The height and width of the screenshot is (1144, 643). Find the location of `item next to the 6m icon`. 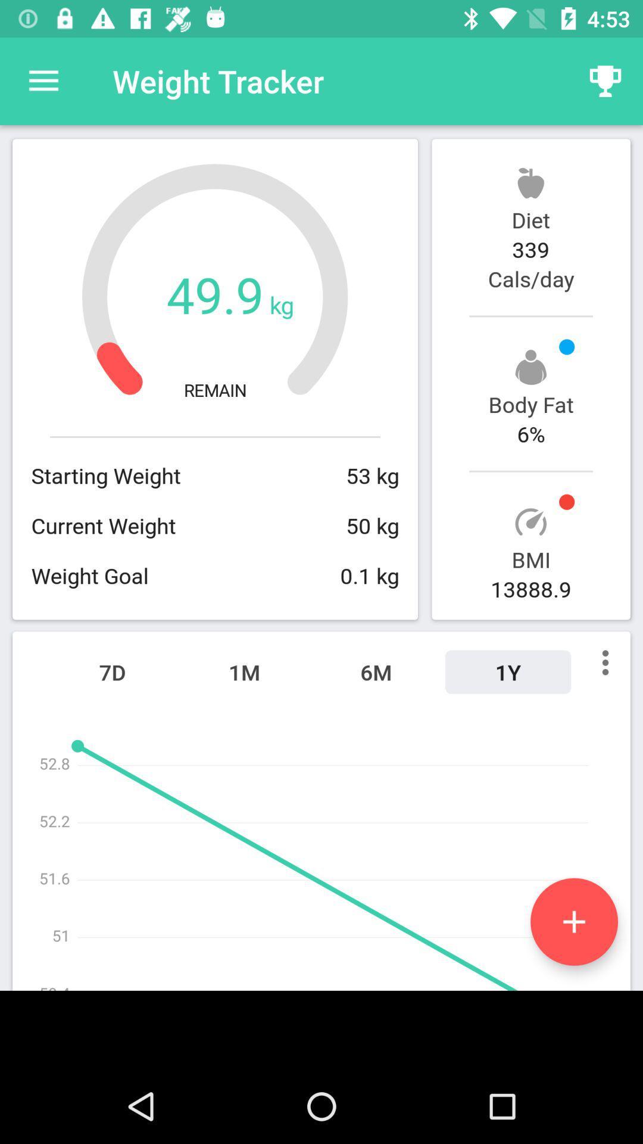

item next to the 6m icon is located at coordinates (244, 672).